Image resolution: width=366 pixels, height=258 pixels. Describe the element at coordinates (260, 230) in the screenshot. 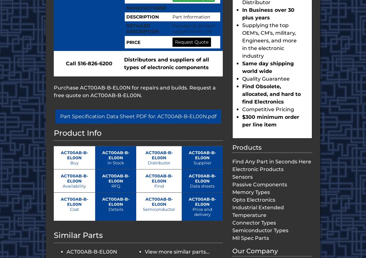

I see `'Semiconductor Types'` at that location.